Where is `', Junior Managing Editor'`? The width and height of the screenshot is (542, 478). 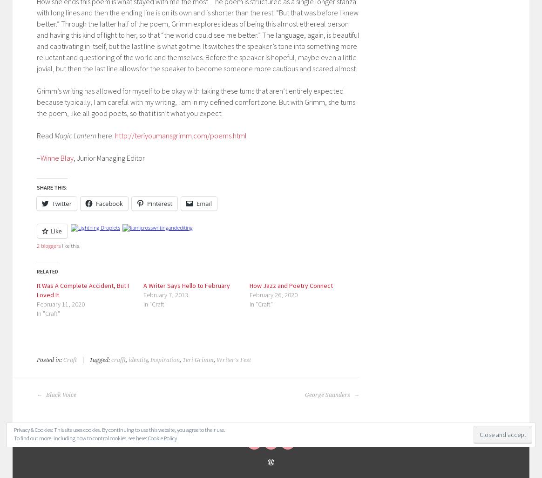 ', Junior Managing Editor' is located at coordinates (108, 157).